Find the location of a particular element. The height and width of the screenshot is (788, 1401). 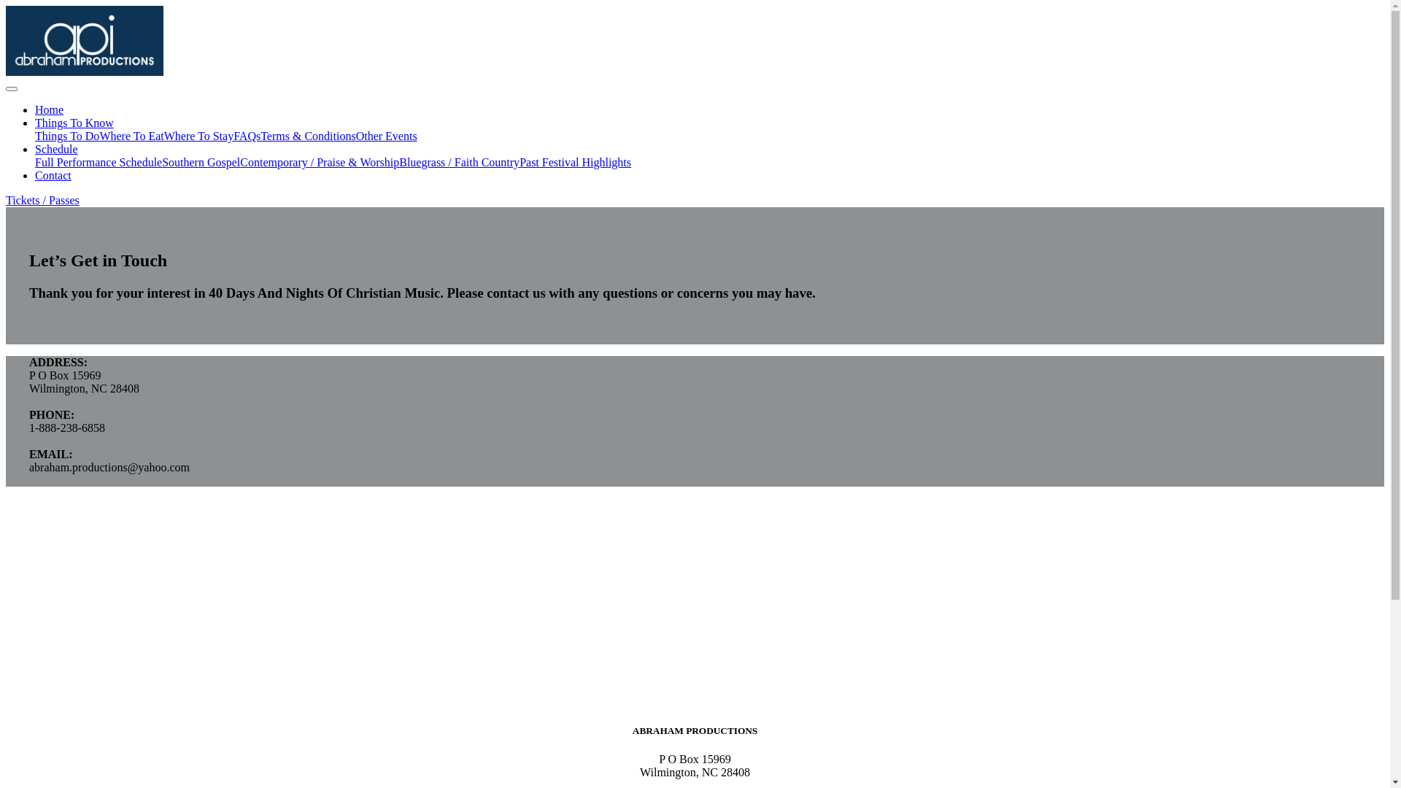

'Where To Eat' is located at coordinates (131, 136).